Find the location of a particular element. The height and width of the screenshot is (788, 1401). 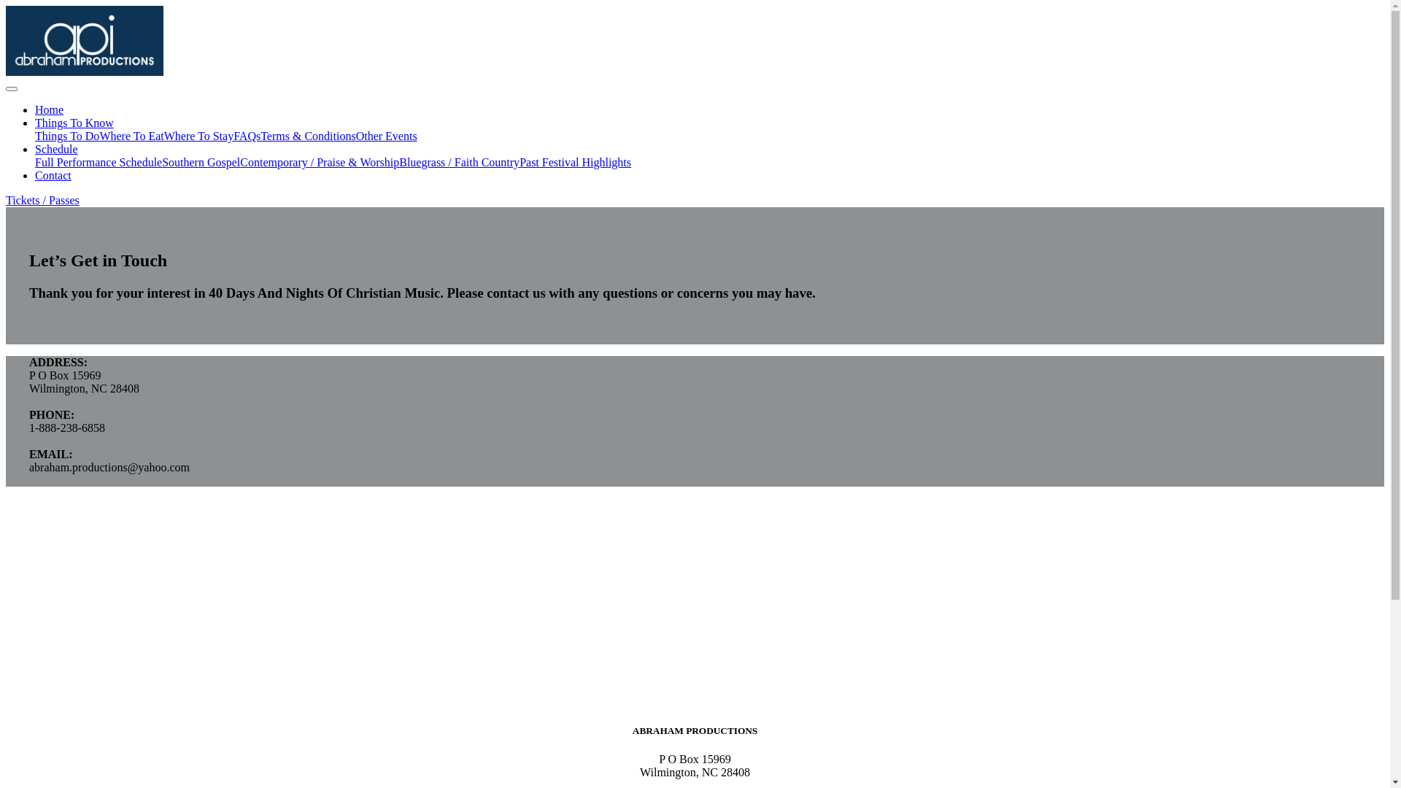

'Where To Eat' is located at coordinates (131, 136).